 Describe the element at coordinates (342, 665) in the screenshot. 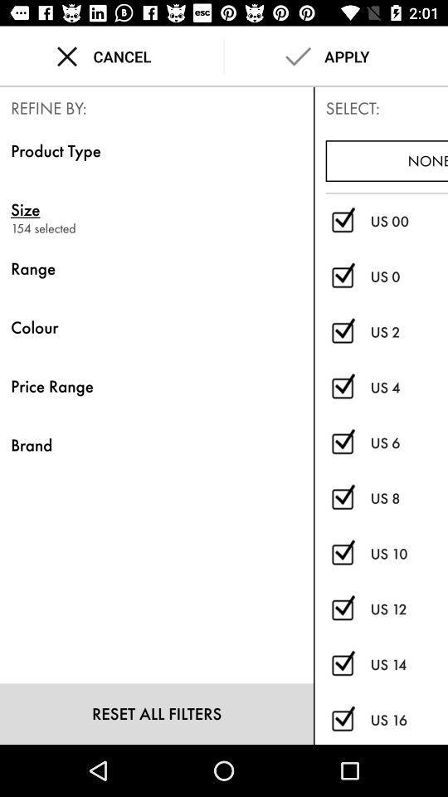

I see `the box` at that location.